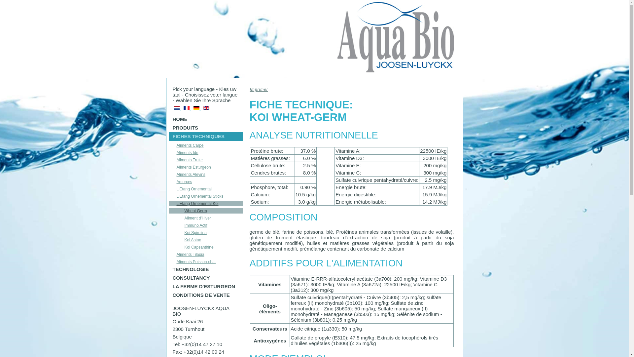 The width and height of the screenshot is (634, 357). I want to click on 'CONSULTANCY', so click(205, 278).